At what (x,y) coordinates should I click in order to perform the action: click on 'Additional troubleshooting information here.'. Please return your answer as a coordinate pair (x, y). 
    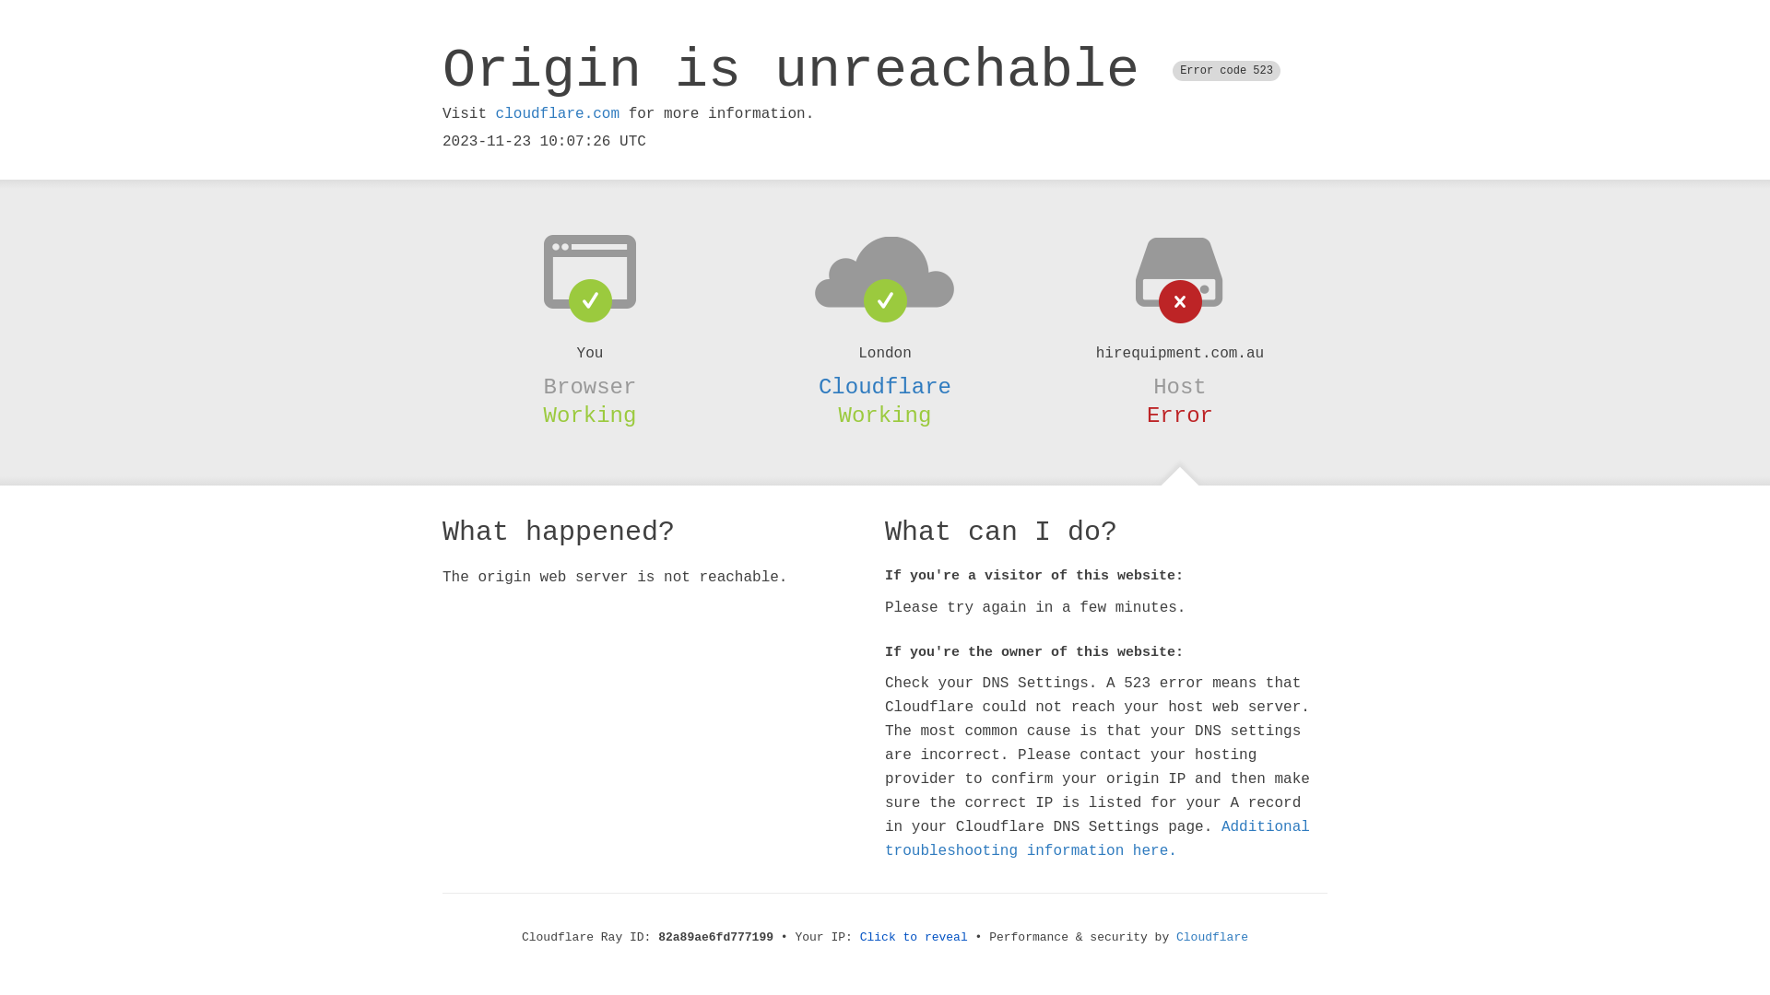
    Looking at the image, I should click on (1097, 838).